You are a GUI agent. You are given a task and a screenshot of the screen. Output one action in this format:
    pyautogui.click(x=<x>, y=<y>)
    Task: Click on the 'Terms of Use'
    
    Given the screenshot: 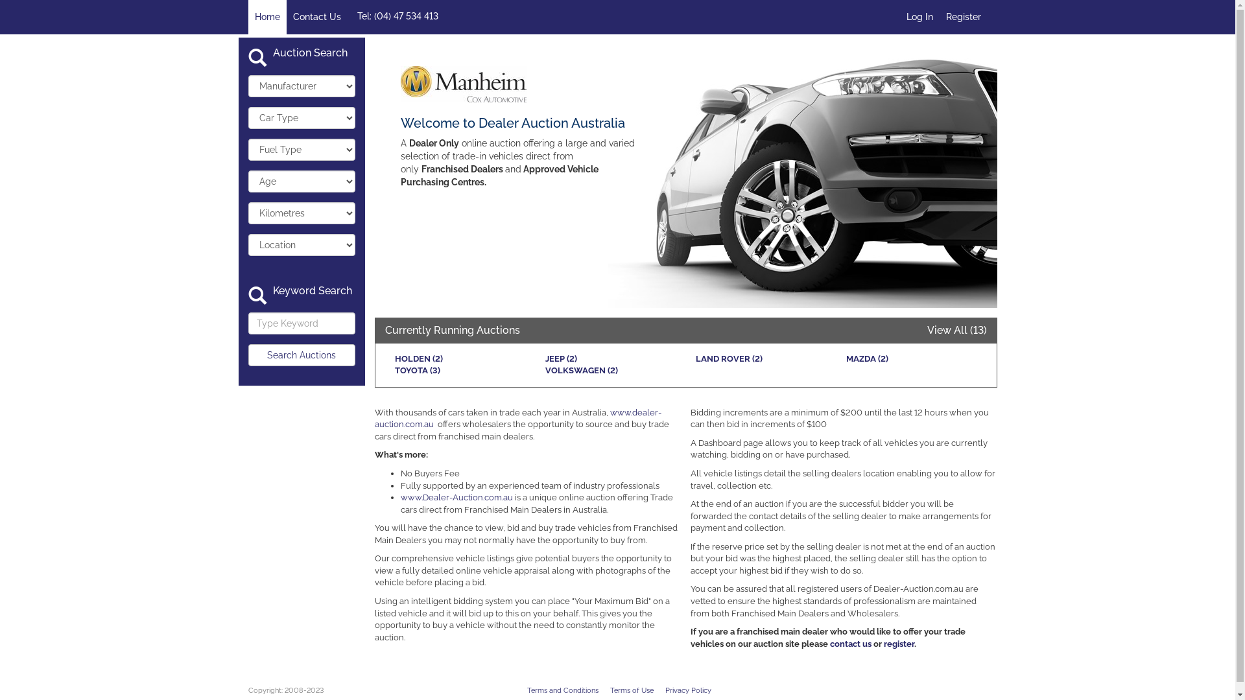 What is the action you would take?
    pyautogui.click(x=631, y=690)
    